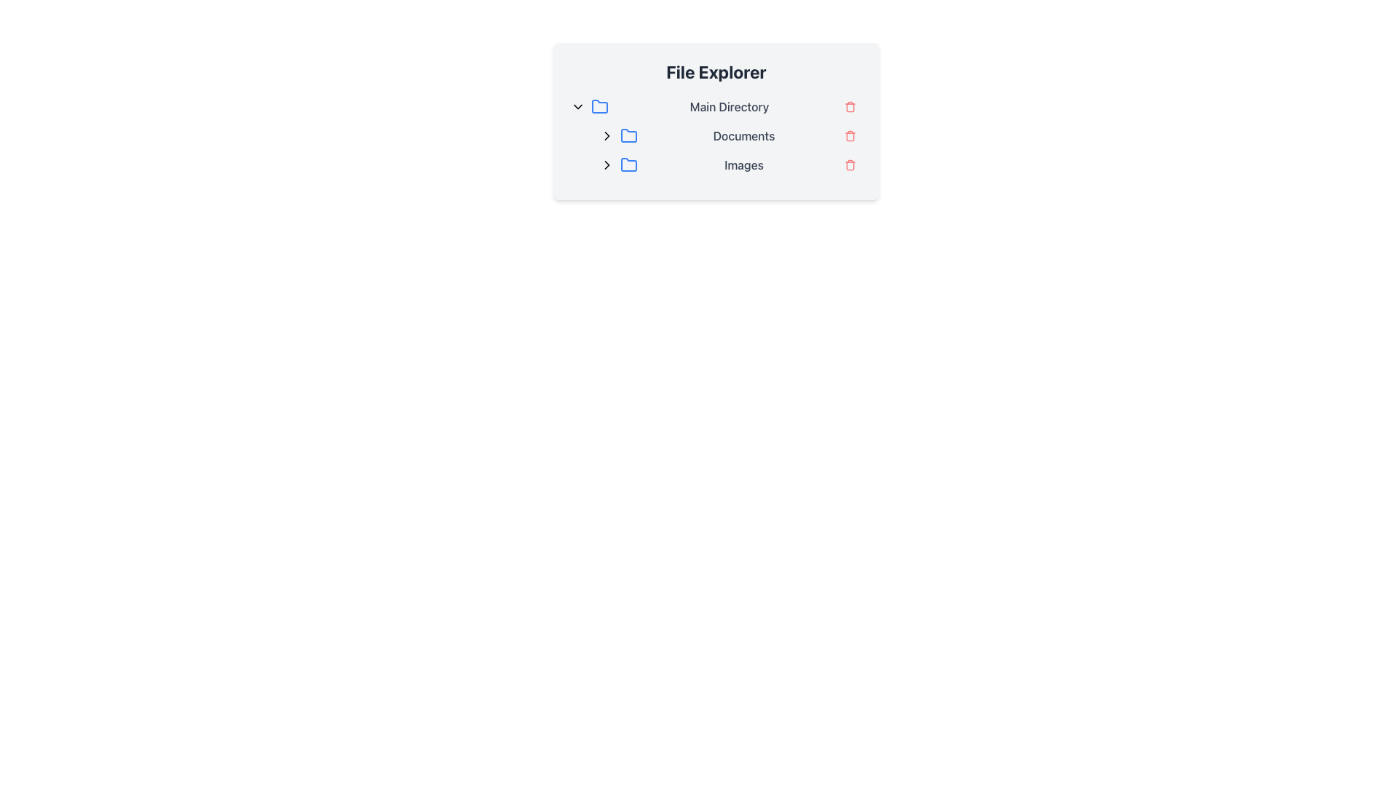  I want to click on the delete icon for the 'Main Directory' item in the file explorer, which is represented by a trash can icon and located at the rightmost end of the corresponding row, so click(850, 106).